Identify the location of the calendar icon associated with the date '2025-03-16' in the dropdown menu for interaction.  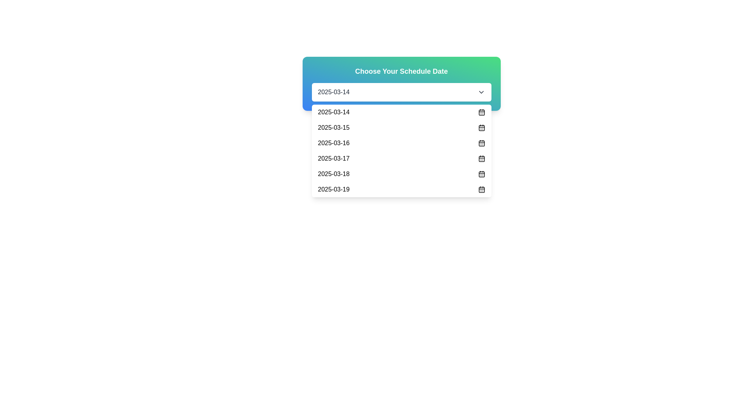
(481, 143).